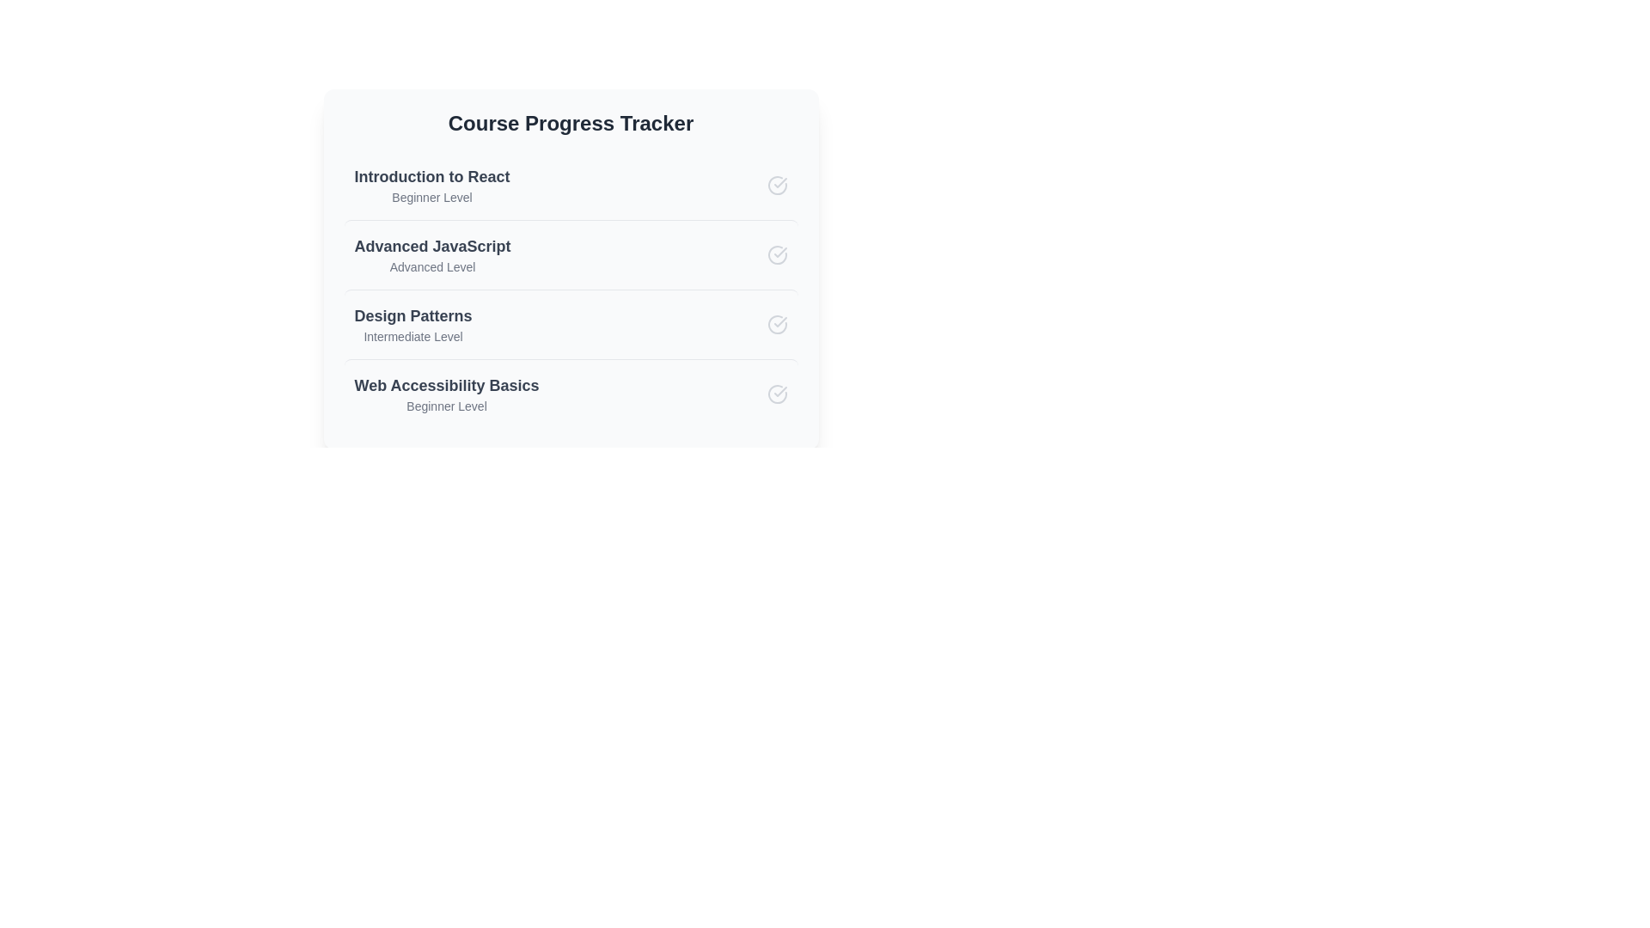  Describe the element at coordinates (412, 337) in the screenshot. I see `displayed text of the Text label that contains 'Intermediate Level', which is styled in a smaller muted gray font and is located beneath the 'Design Patterns' text` at that location.